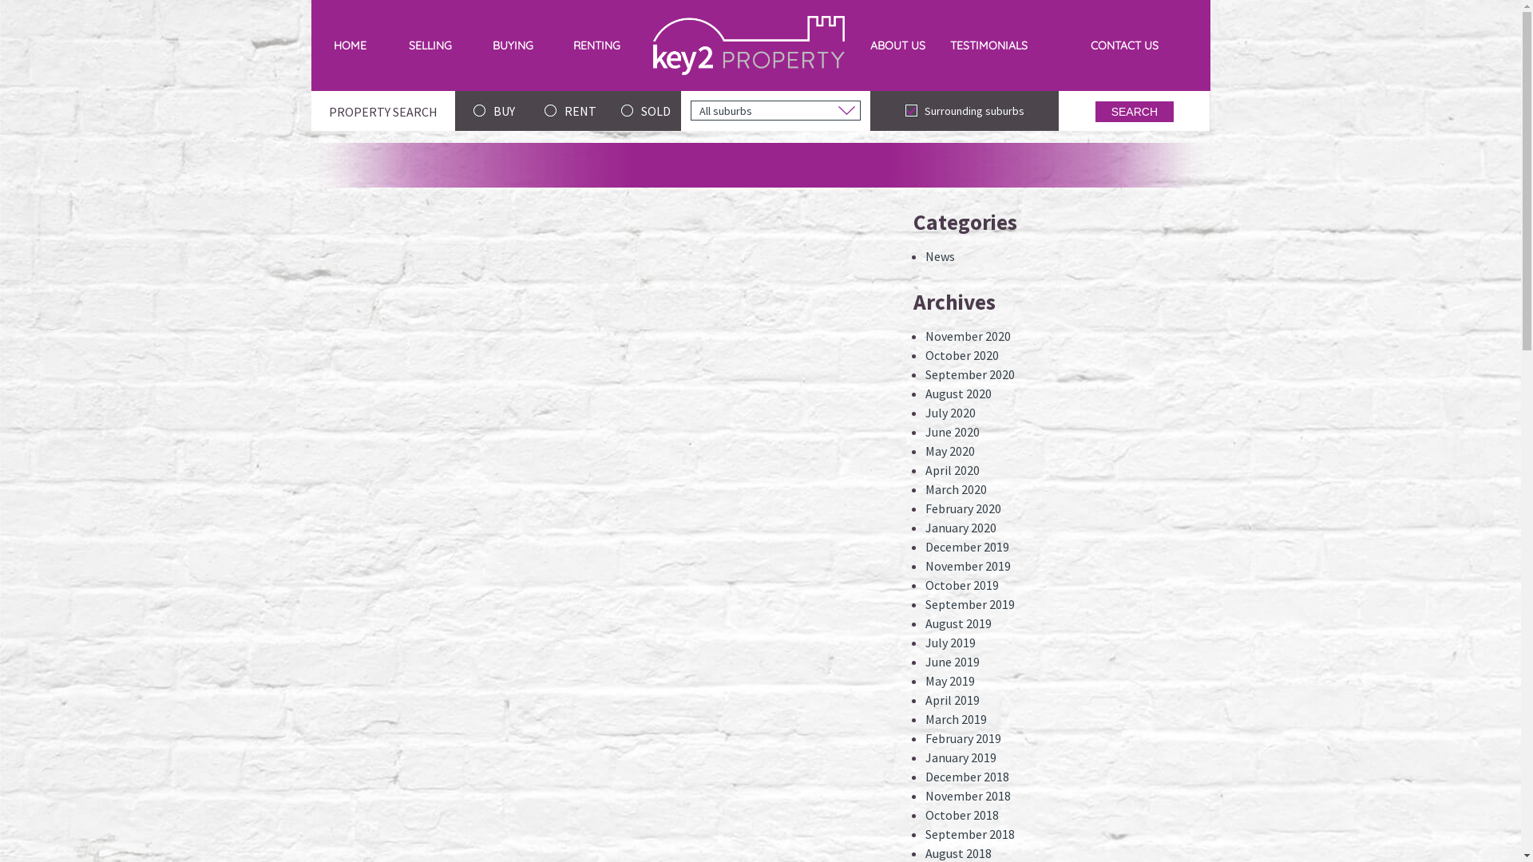  What do you see at coordinates (596, 45) in the screenshot?
I see `'RENTING'` at bounding box center [596, 45].